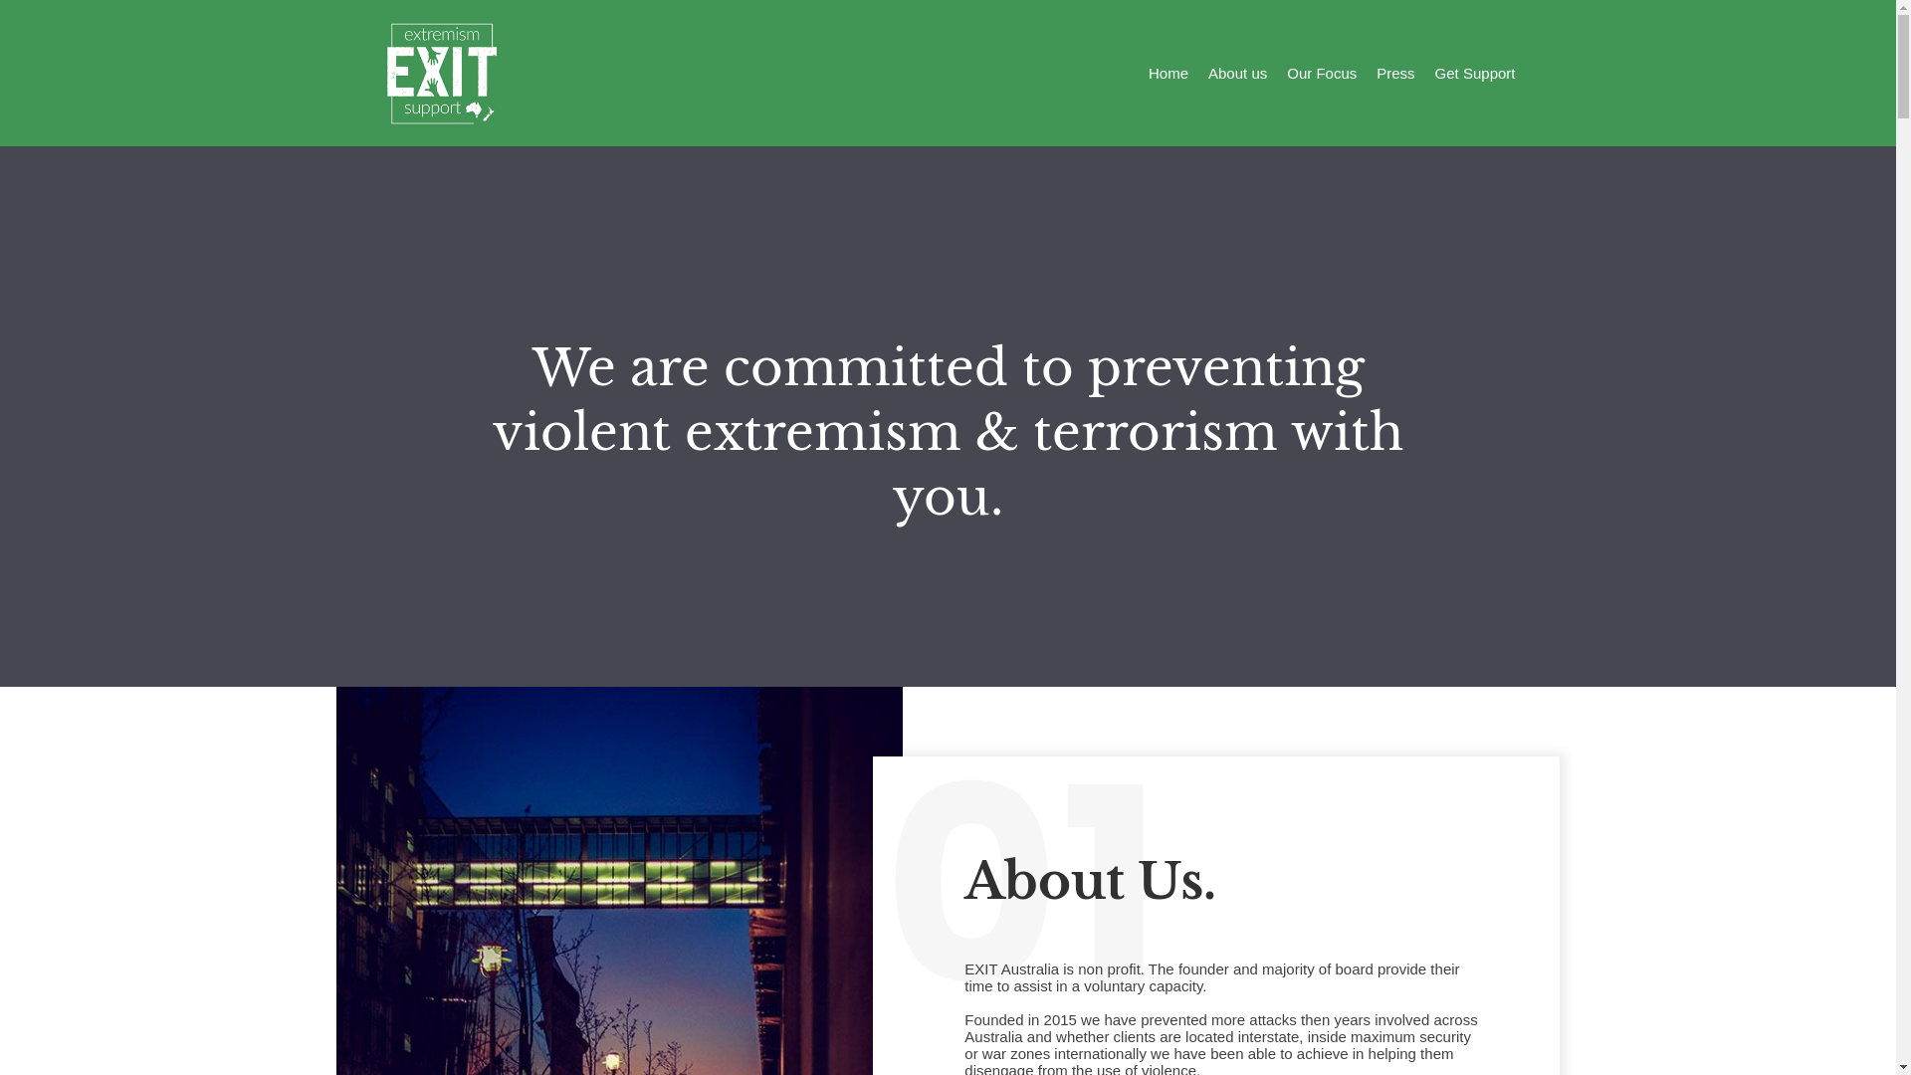  Describe the element at coordinates (19, 10) in the screenshot. I see `'Skip to content'` at that location.